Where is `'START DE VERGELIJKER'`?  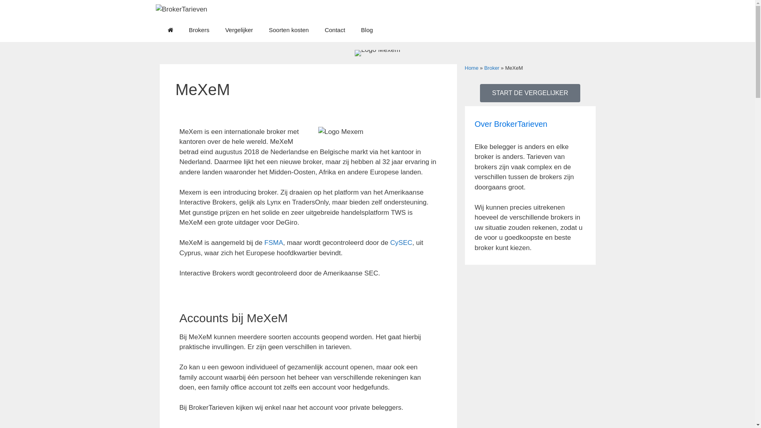
'START DE VERGELIJKER' is located at coordinates (530, 93).